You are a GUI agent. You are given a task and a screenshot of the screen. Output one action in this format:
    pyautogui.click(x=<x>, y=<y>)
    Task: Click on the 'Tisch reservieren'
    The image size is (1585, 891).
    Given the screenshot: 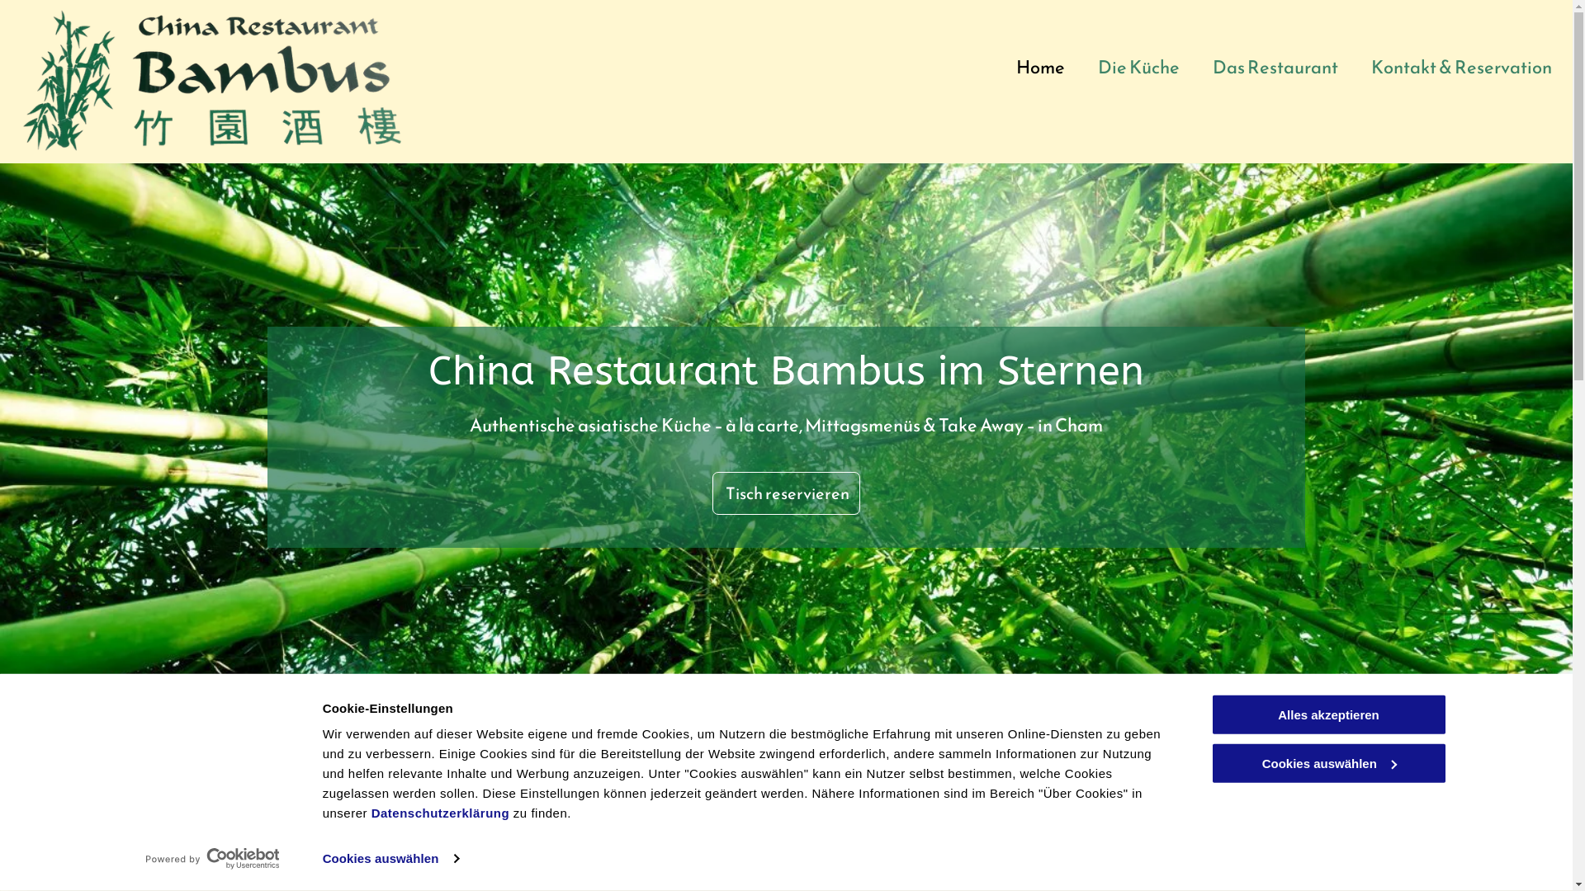 What is the action you would take?
    pyautogui.click(x=785, y=492)
    